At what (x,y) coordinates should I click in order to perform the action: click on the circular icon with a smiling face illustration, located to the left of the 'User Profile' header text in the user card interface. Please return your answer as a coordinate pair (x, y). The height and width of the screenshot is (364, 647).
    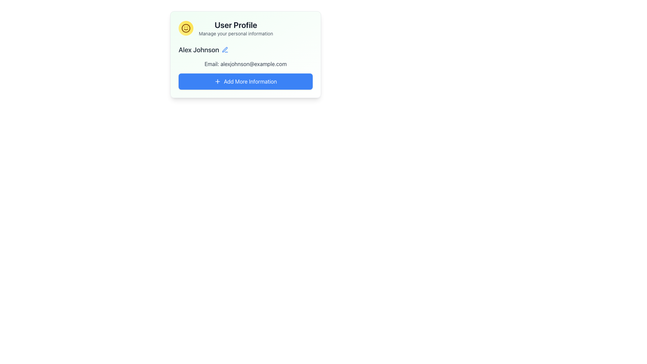
    Looking at the image, I should click on (186, 28).